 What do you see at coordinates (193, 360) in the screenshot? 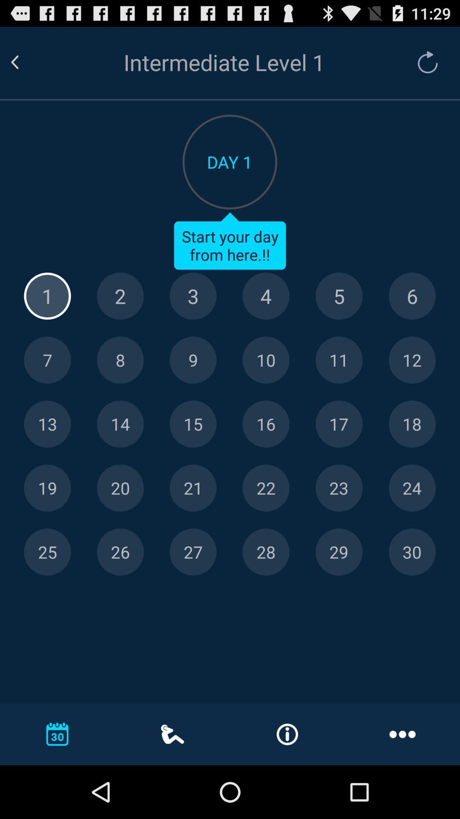
I see `keyboard no9` at bounding box center [193, 360].